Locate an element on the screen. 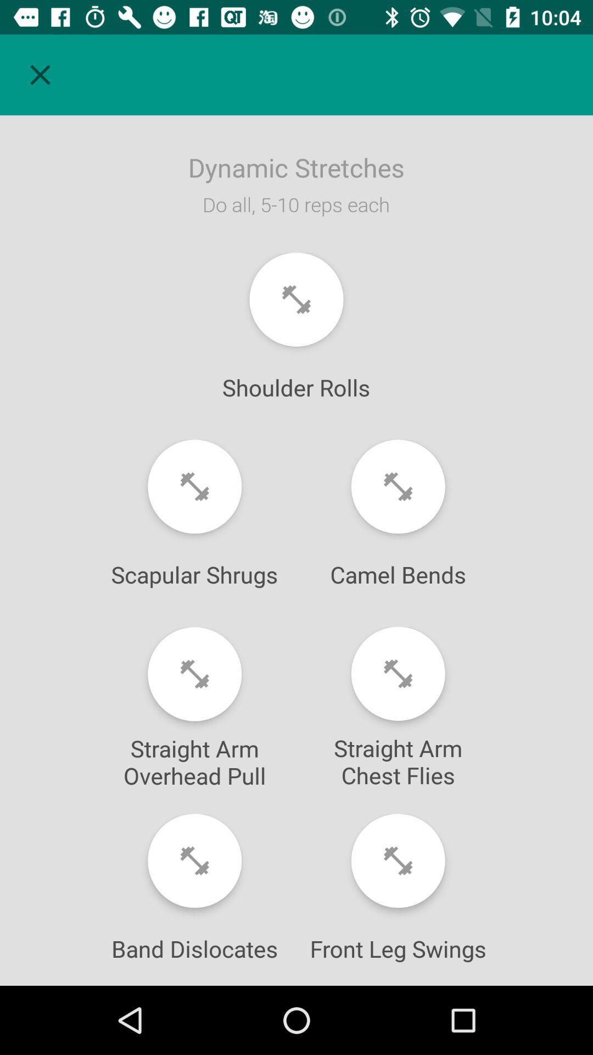 The image size is (593, 1055). weight icon is located at coordinates (296, 299).